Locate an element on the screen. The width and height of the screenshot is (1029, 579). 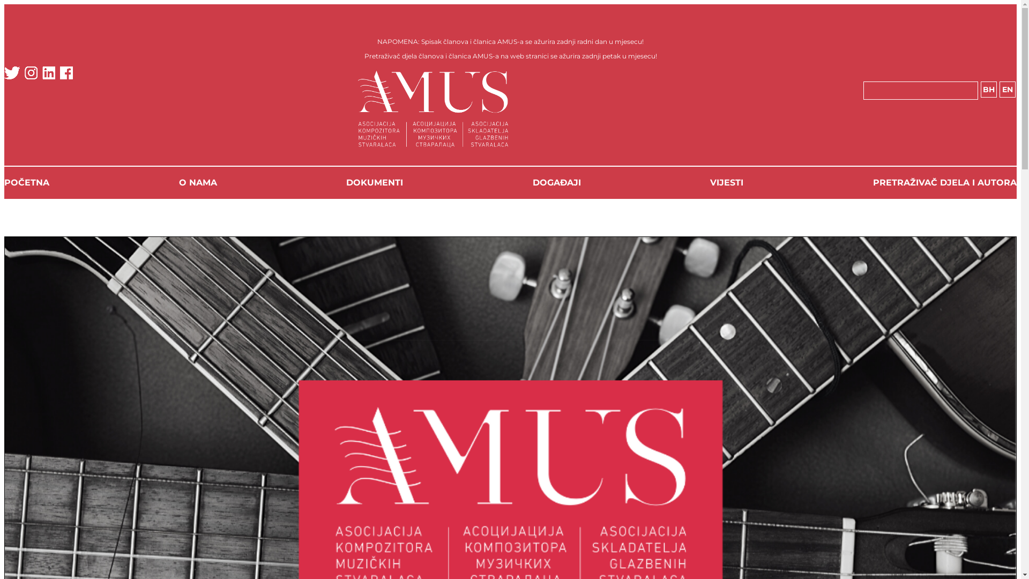
'EN' is located at coordinates (1006, 88).